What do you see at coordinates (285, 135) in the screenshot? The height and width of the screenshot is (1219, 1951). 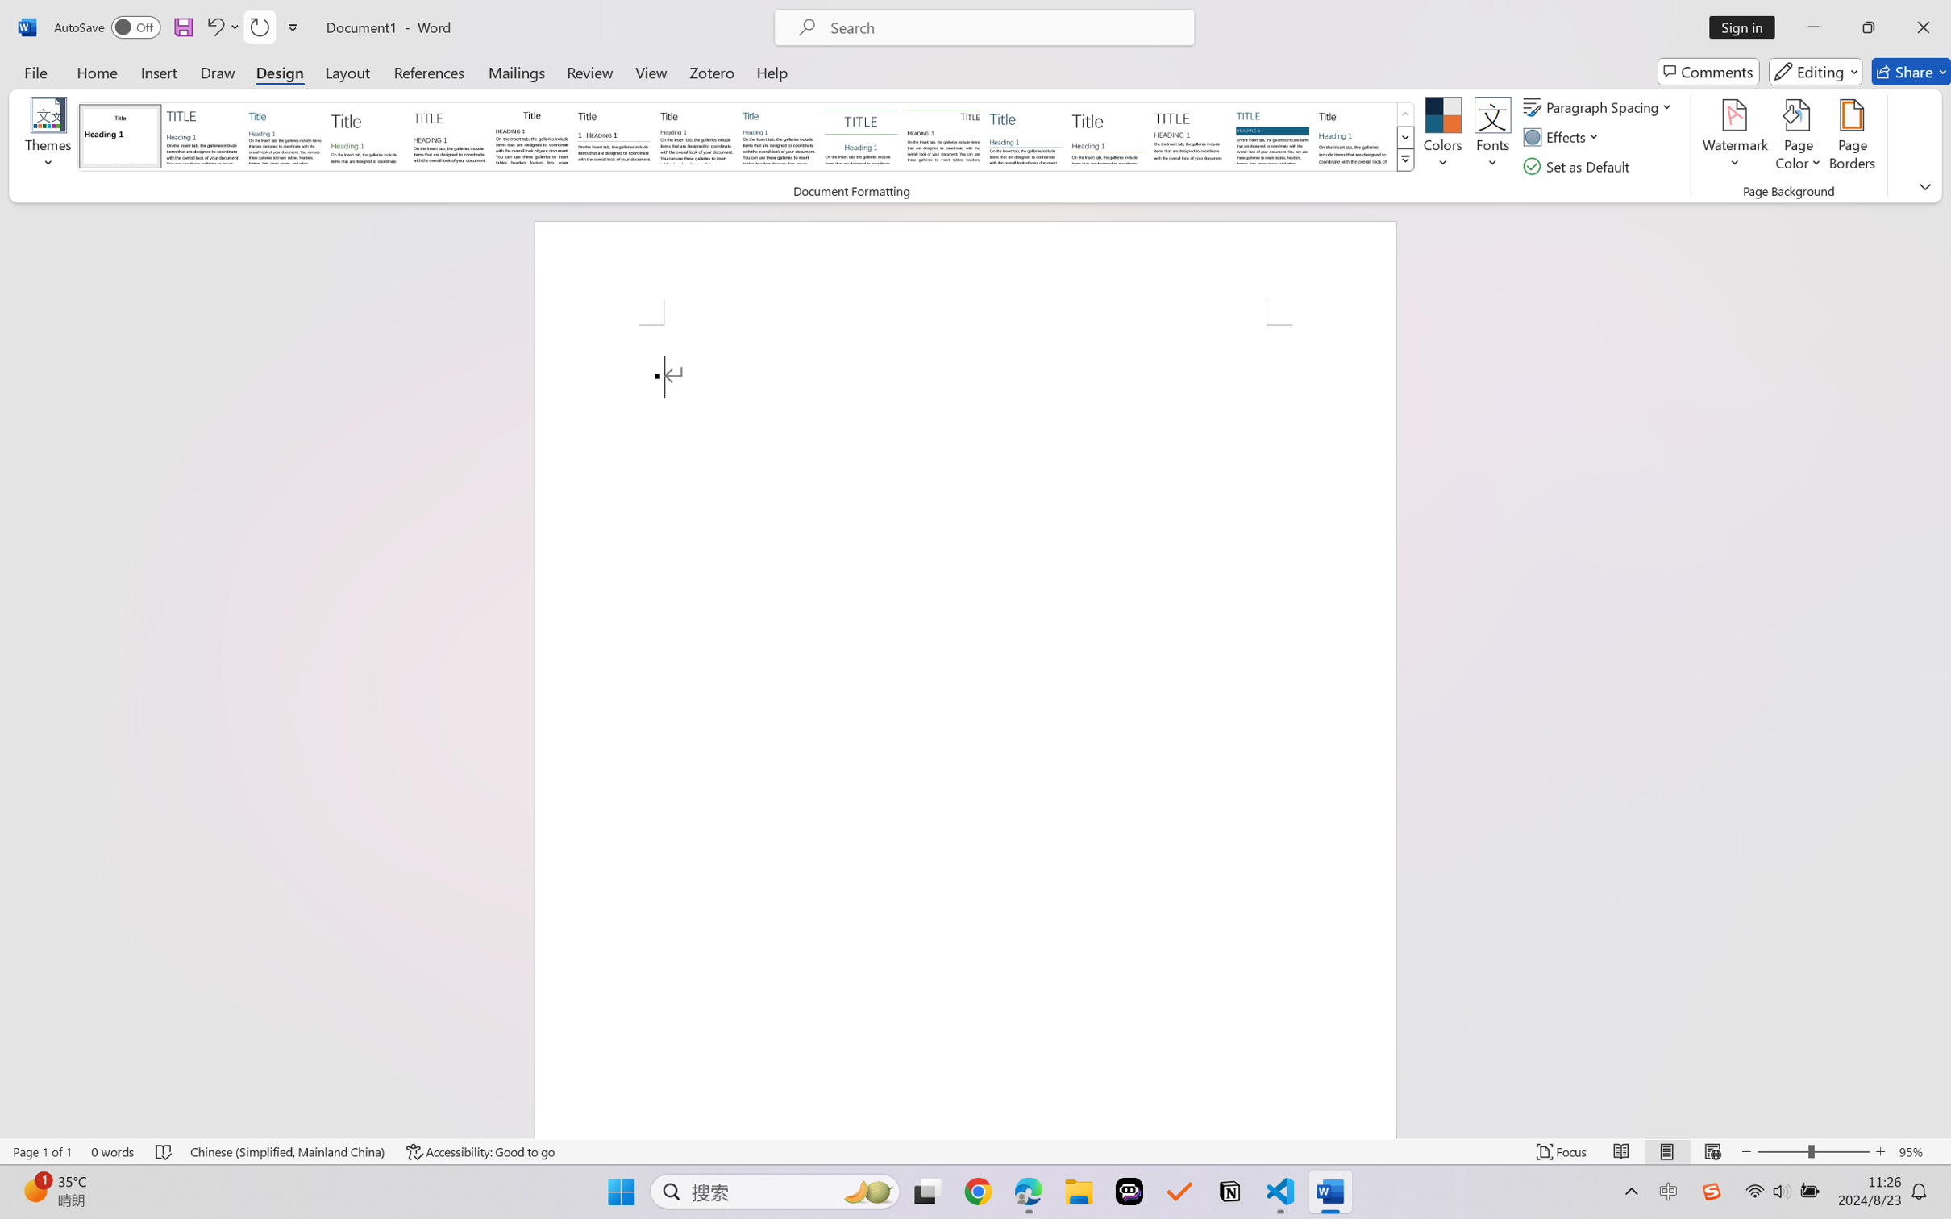 I see `'Basic (Simple)'` at bounding box center [285, 135].